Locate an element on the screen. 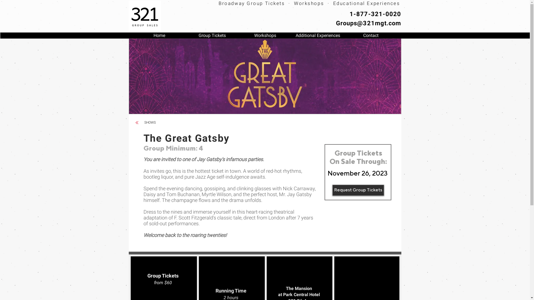  'Group Tickets' is located at coordinates (212, 37).